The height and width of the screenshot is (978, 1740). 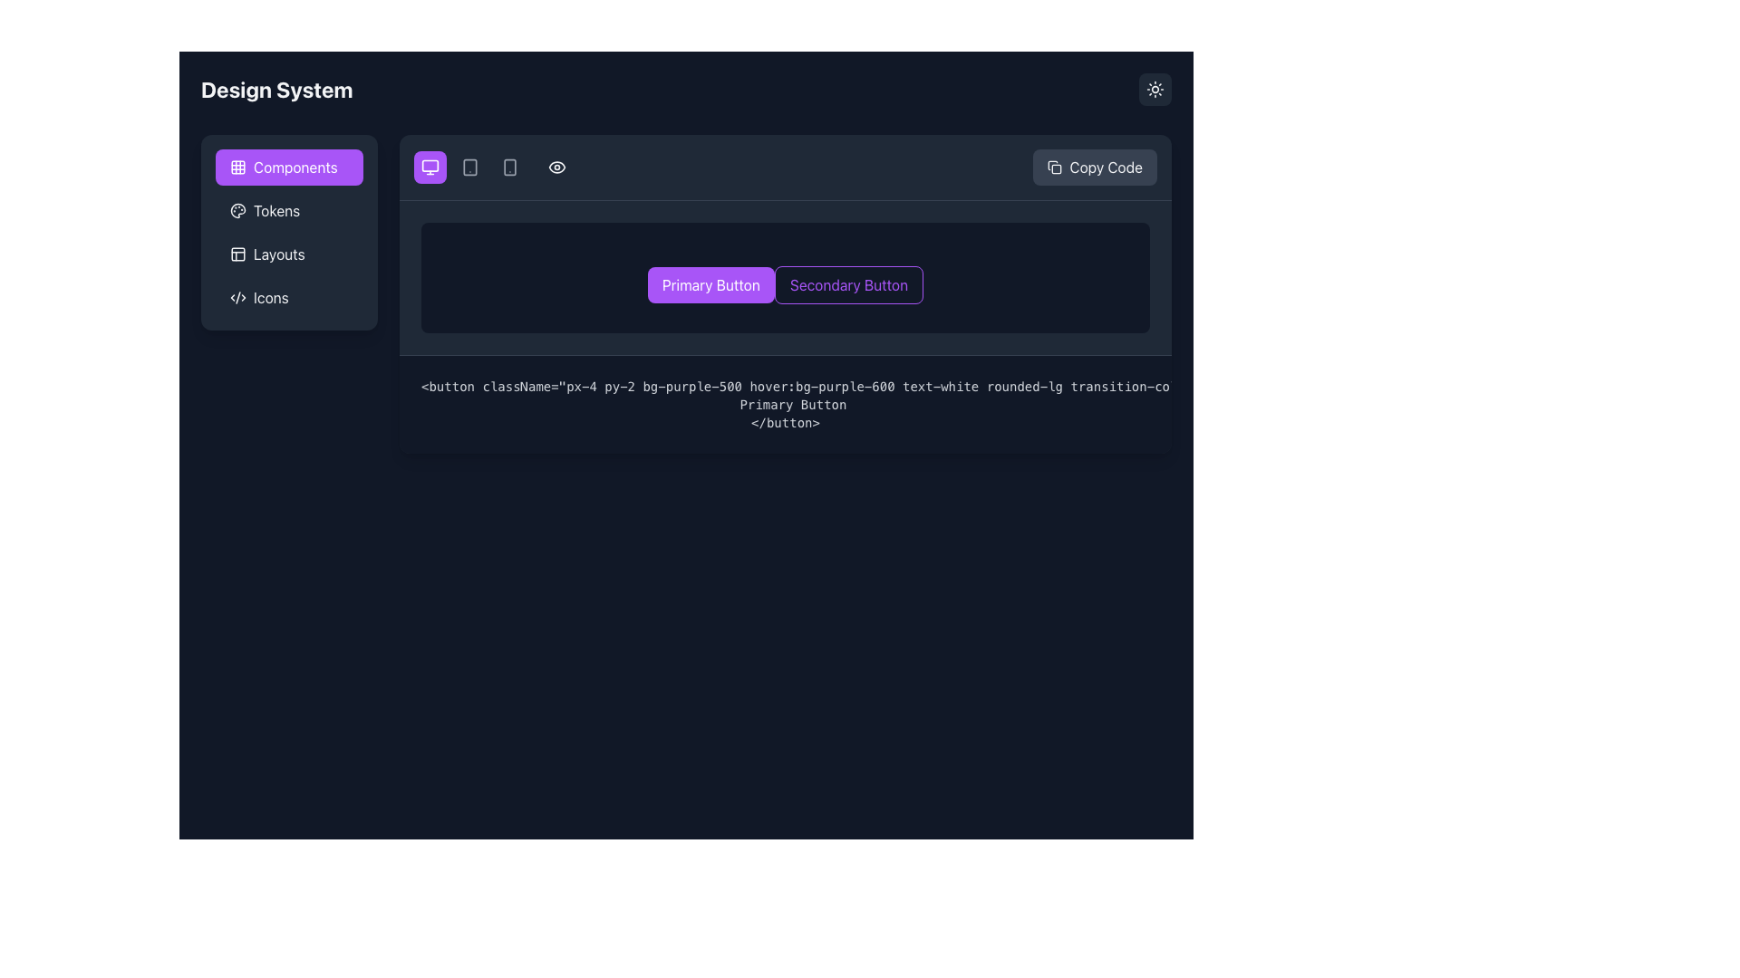 I want to click on the sun icon button in the top-right corner of the header labeled 'Design System', so click(x=1155, y=90).